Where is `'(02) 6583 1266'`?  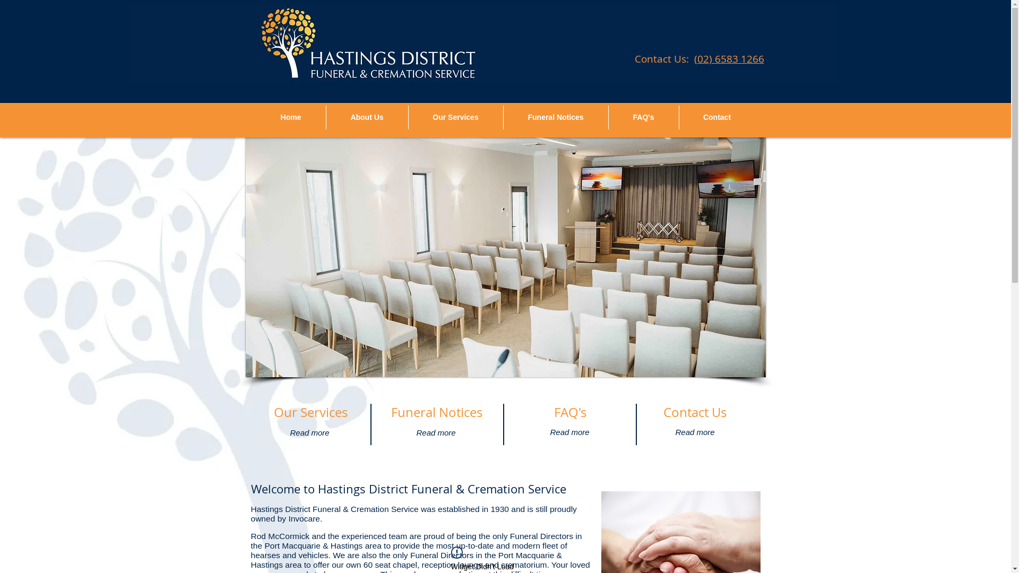
'(02) 6583 1266' is located at coordinates (728, 59).